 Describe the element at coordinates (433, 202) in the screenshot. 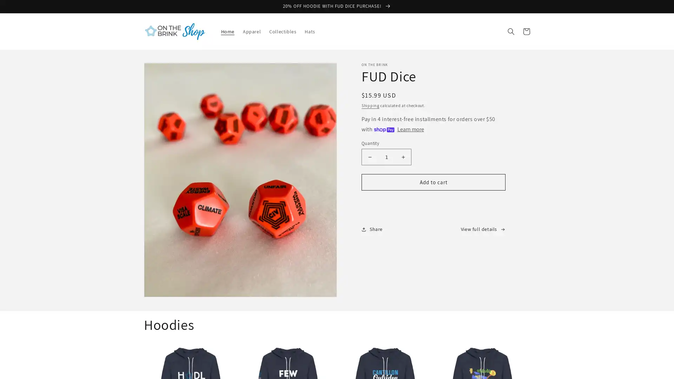

I see `Buy it now` at that location.